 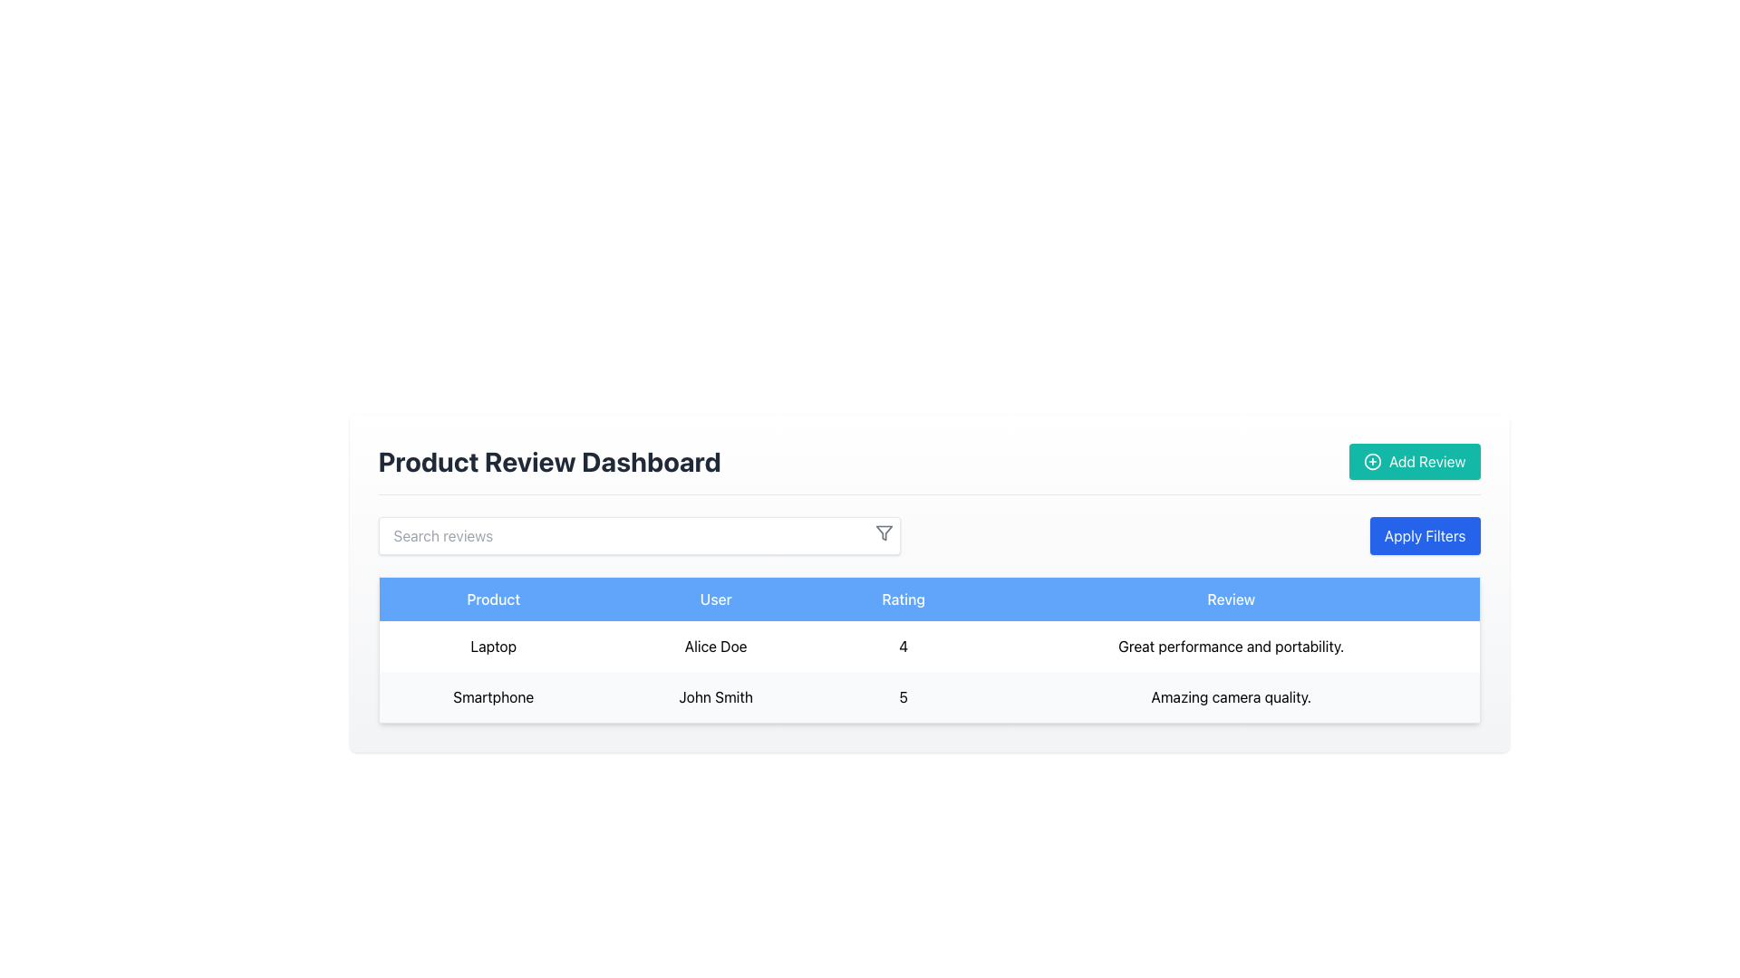 I want to click on the circular outline of the 'Add Review' button located on the right side of the top bar, adjacent to the 'Apply Filters' button, so click(x=1372, y=460).